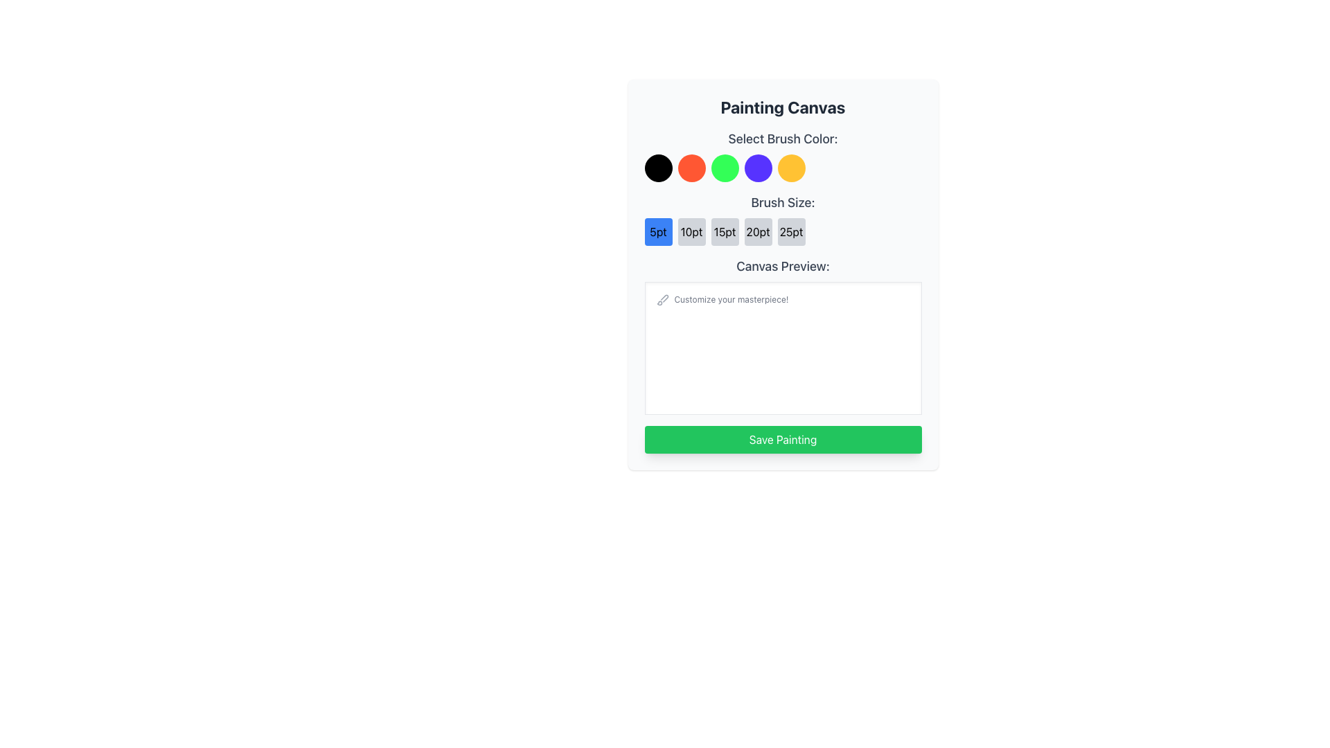 Image resolution: width=1330 pixels, height=748 pixels. What do you see at coordinates (783, 231) in the screenshot?
I see `the button in the group below the 'Brush Size:' text` at bounding box center [783, 231].